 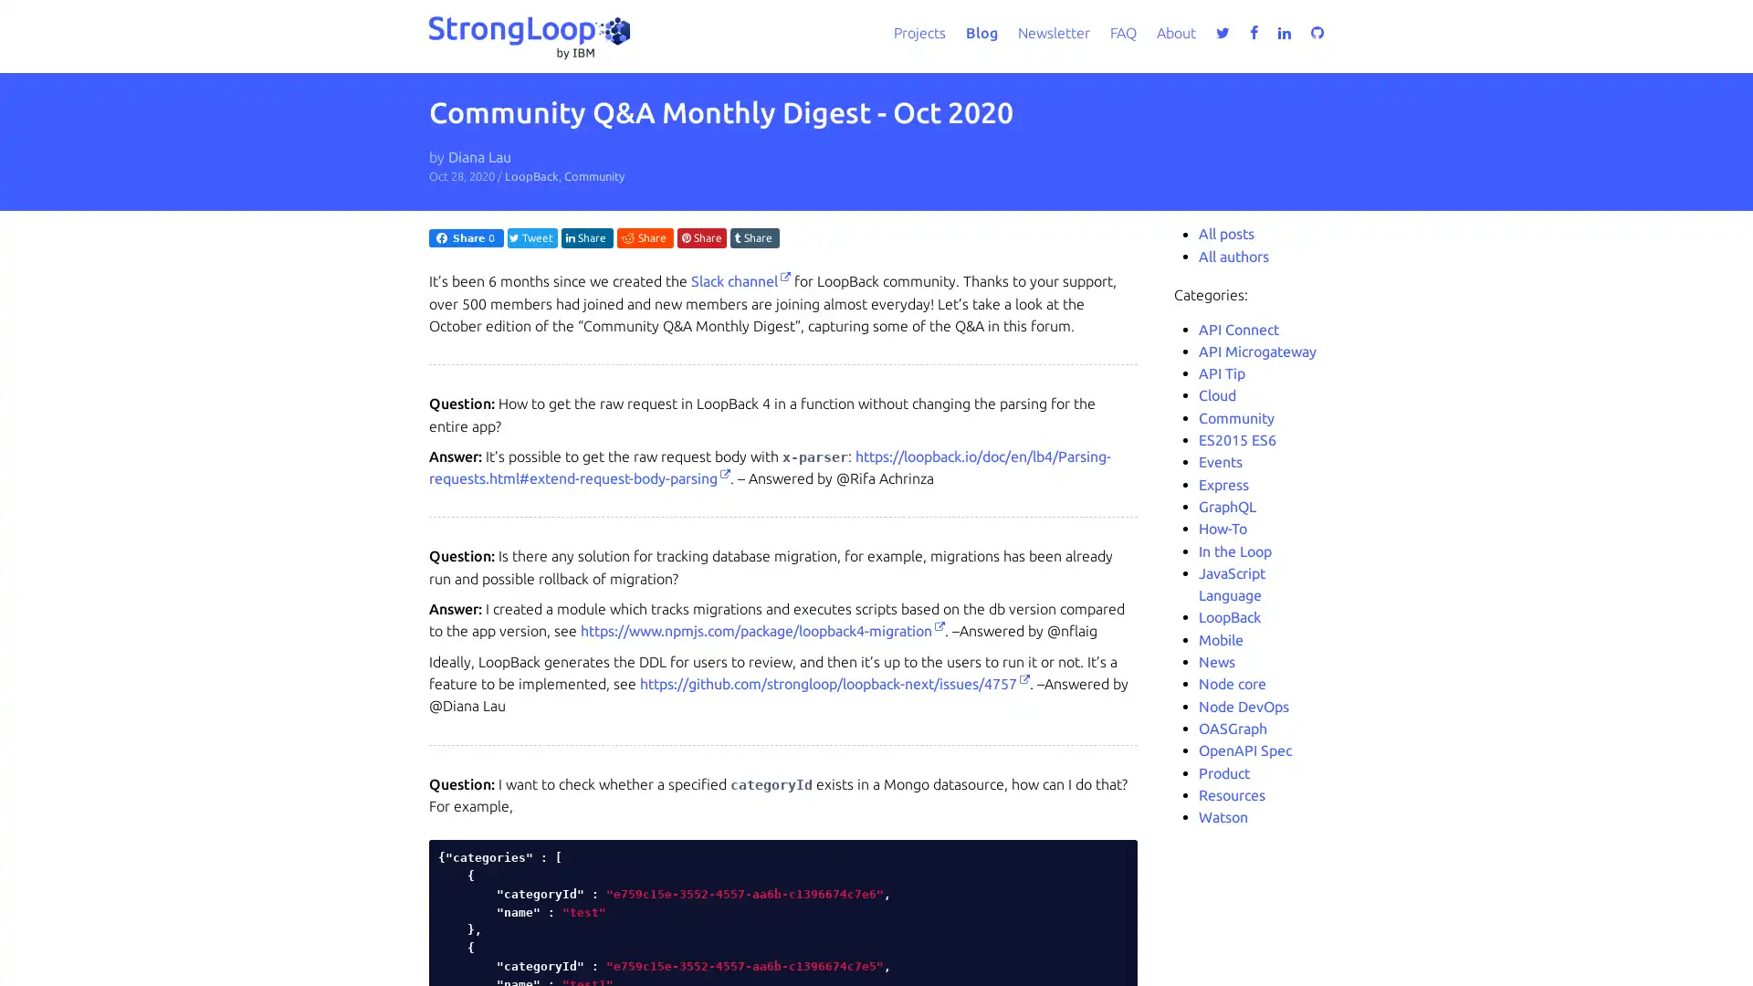 I want to click on Accept all, so click(x=1605, y=860).